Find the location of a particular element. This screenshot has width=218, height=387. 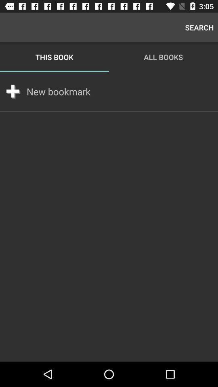

the new bookmark item is located at coordinates (58, 92).